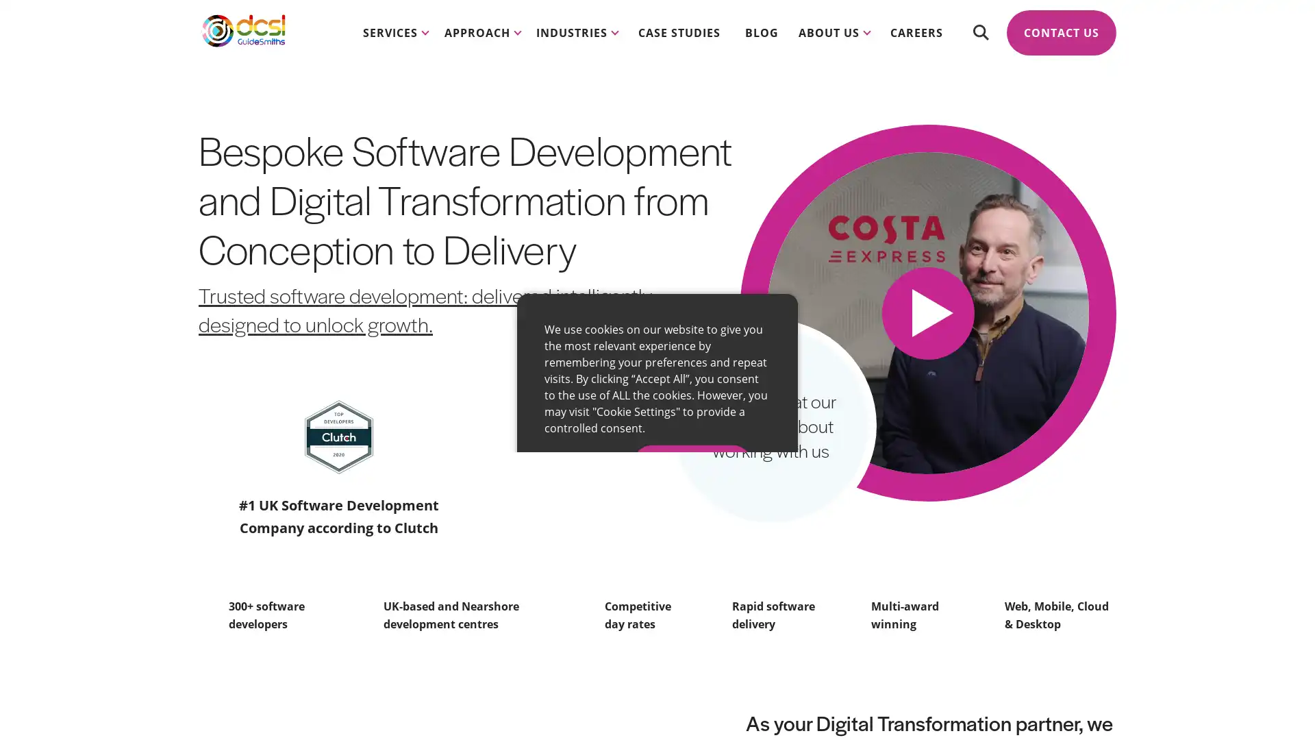  What do you see at coordinates (979, 41) in the screenshot?
I see `Search` at bounding box center [979, 41].